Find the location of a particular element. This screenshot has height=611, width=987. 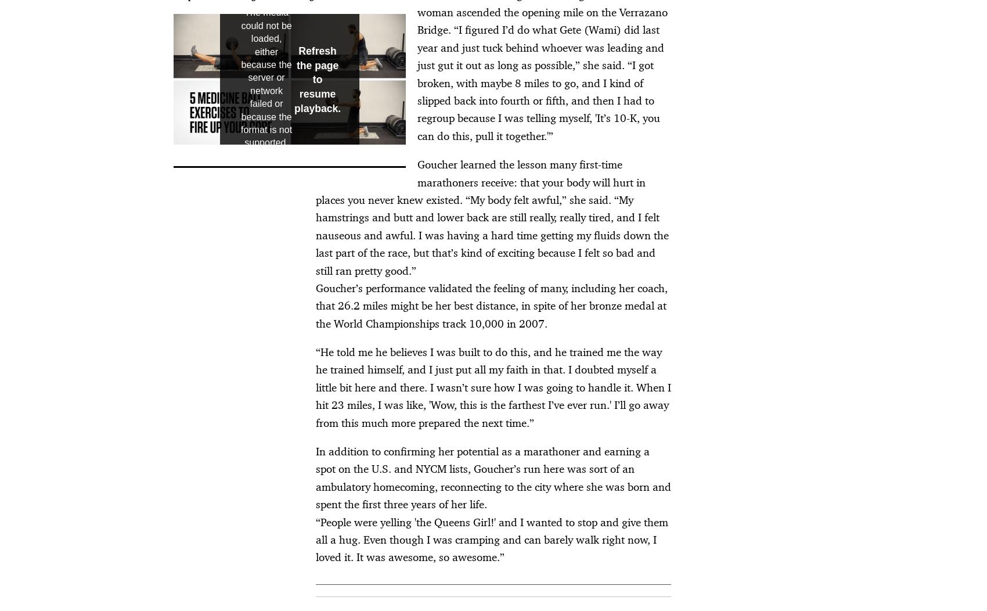

'A Part of Hearst Digital Media' is located at coordinates (232, 437).